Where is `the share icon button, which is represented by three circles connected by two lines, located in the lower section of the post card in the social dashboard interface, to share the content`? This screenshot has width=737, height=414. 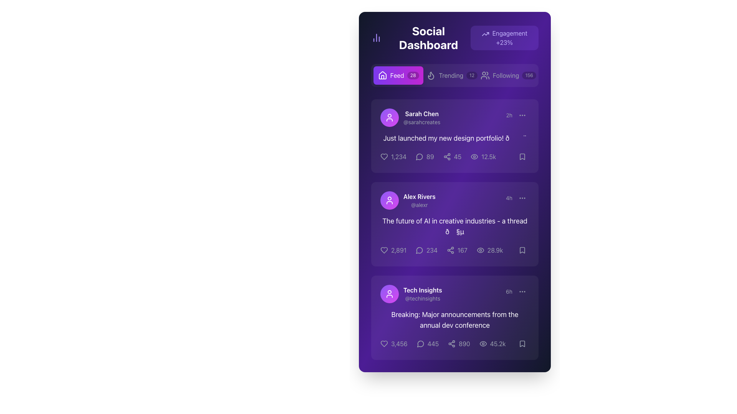 the share icon button, which is represented by three circles connected by two lines, located in the lower section of the post card in the social dashboard interface, to share the content is located at coordinates (451, 343).